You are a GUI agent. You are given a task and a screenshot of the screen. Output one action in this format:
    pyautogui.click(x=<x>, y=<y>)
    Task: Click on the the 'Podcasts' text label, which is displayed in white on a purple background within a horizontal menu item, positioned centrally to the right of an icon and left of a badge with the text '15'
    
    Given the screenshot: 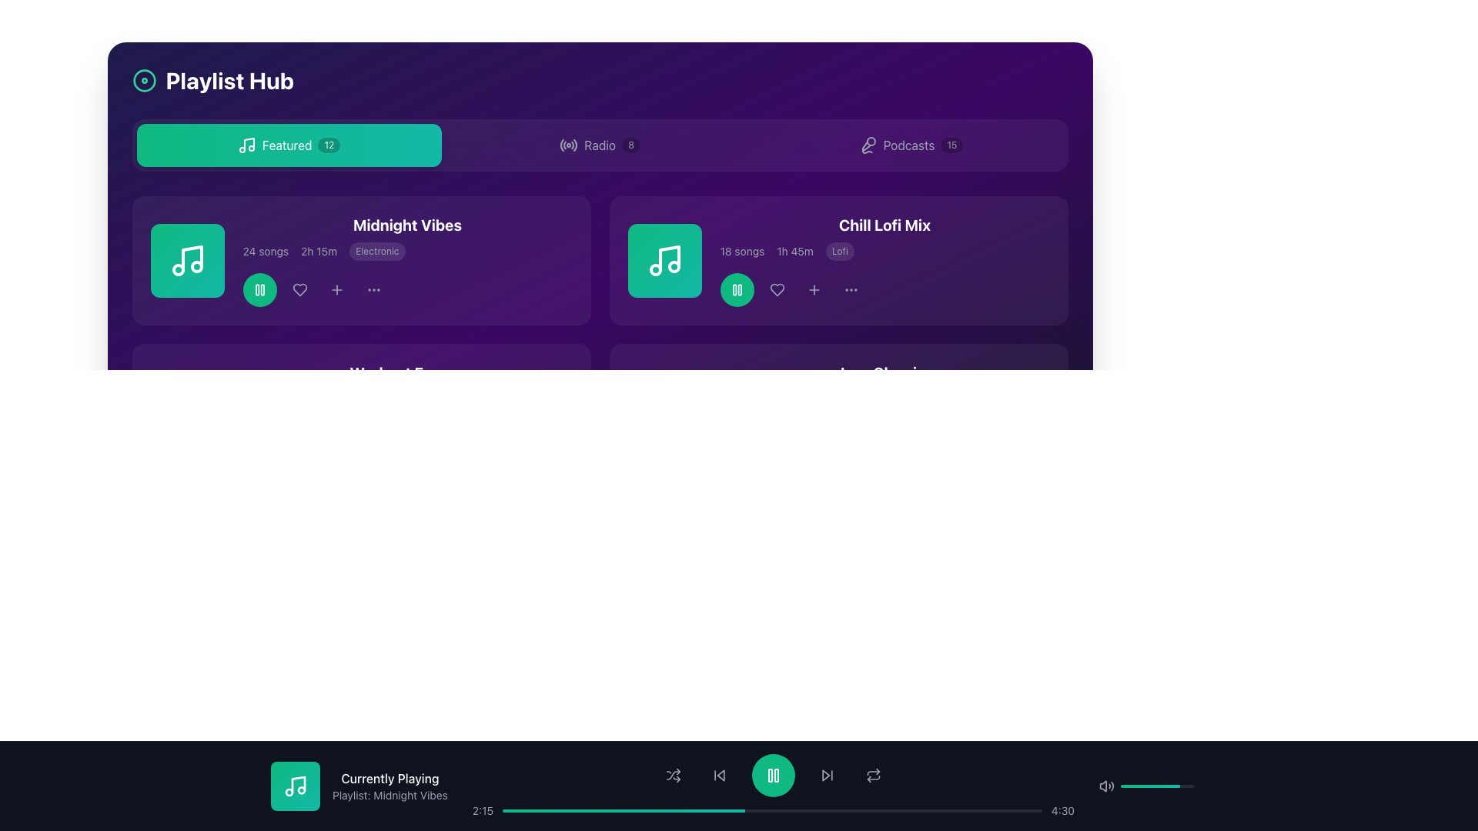 What is the action you would take?
    pyautogui.click(x=908, y=145)
    